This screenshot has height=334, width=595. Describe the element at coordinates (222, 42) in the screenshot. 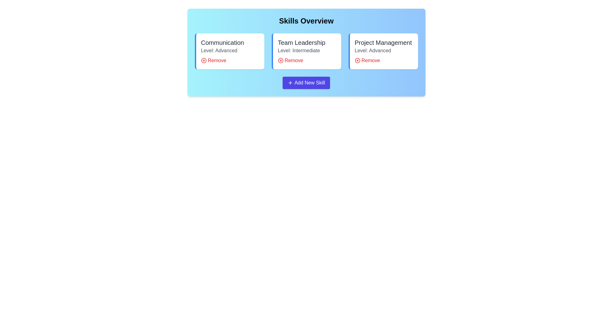

I see `the skill name text for Communication` at that location.